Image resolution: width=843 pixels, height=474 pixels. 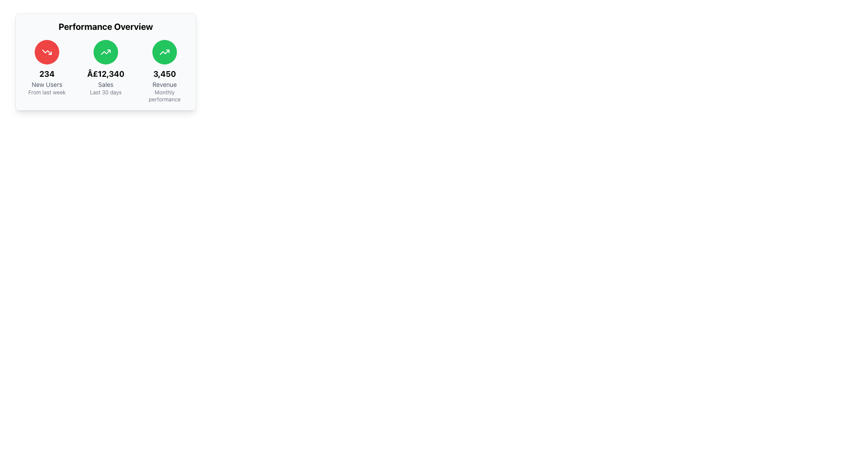 What do you see at coordinates (105, 26) in the screenshot?
I see `the header element that indicates the purpose or summary of the content in the card component, located at the top of the card above the performance metrics` at bounding box center [105, 26].